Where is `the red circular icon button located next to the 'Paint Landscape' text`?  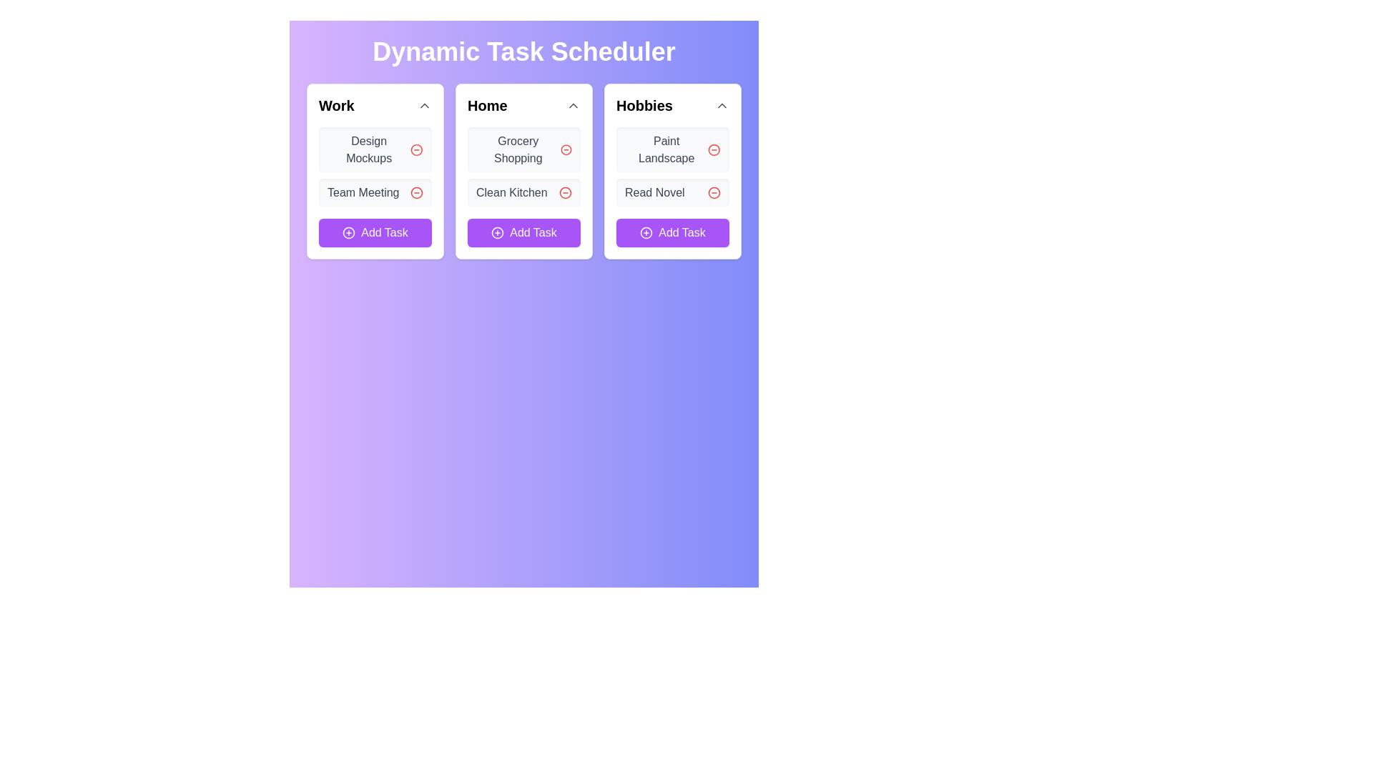 the red circular icon button located next to the 'Paint Landscape' text is located at coordinates (714, 149).